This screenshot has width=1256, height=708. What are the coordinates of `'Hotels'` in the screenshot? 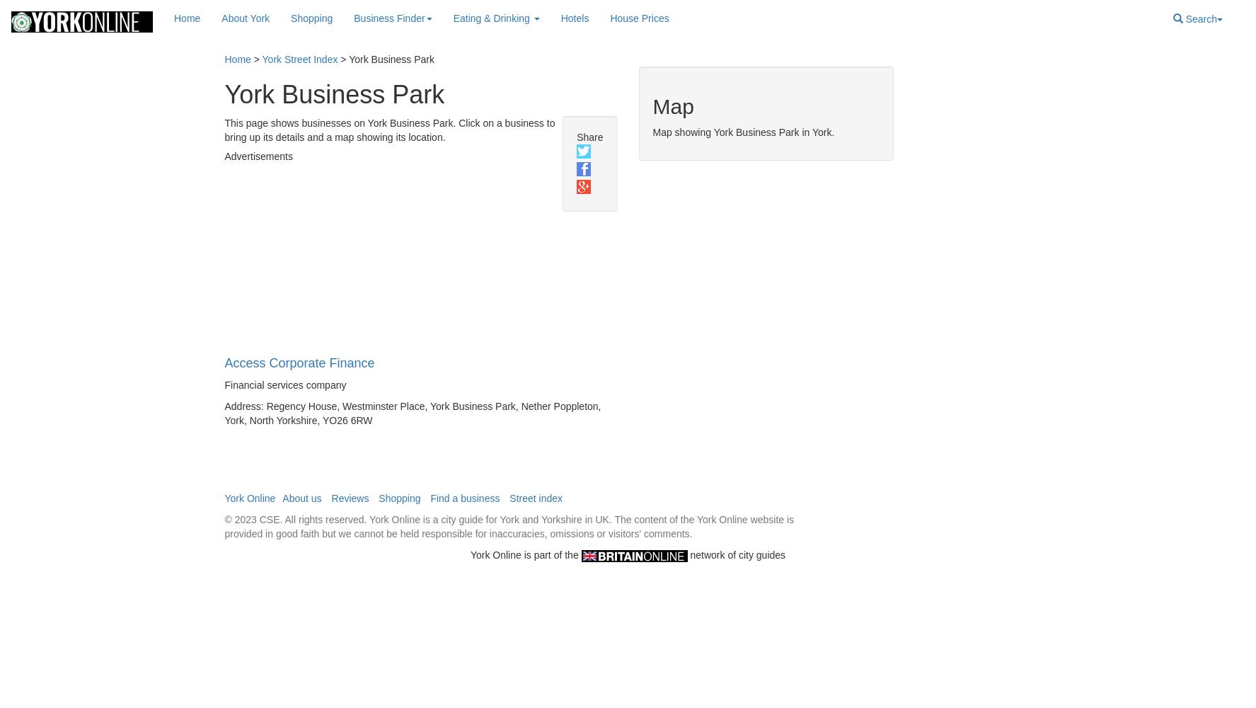 It's located at (574, 18).